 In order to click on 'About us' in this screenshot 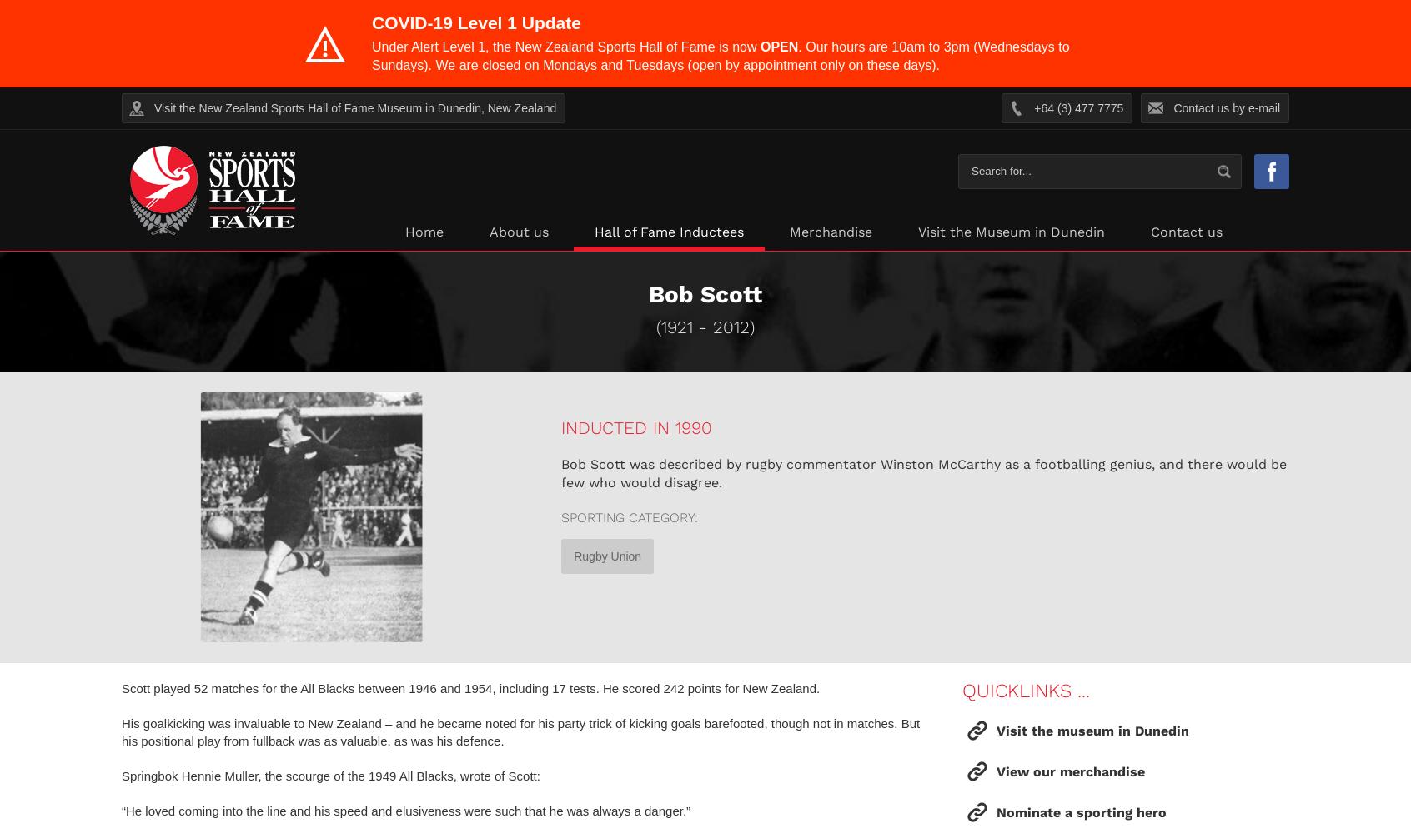, I will do `click(488, 232)`.